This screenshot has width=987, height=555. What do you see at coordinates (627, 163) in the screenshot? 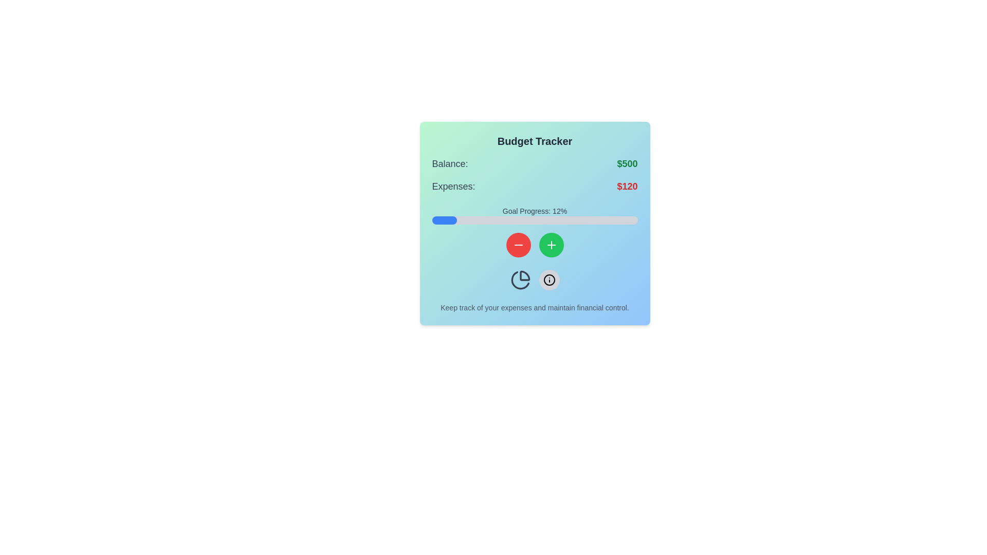
I see `the static text label displaying the monetary value '$500' in bold, large, green font, which is positioned to the right of the 'Balance:' label` at bounding box center [627, 163].